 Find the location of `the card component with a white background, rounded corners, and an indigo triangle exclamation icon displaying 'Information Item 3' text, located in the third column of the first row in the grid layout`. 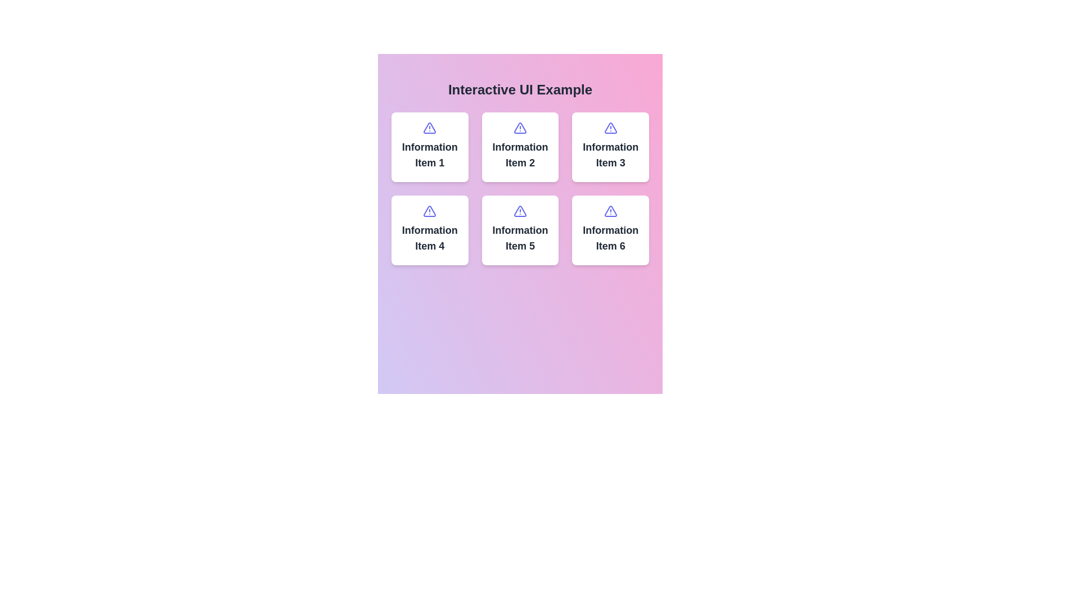

the card component with a white background, rounded corners, and an indigo triangle exclamation icon displaying 'Information Item 3' text, located in the third column of the first row in the grid layout is located at coordinates (610, 147).